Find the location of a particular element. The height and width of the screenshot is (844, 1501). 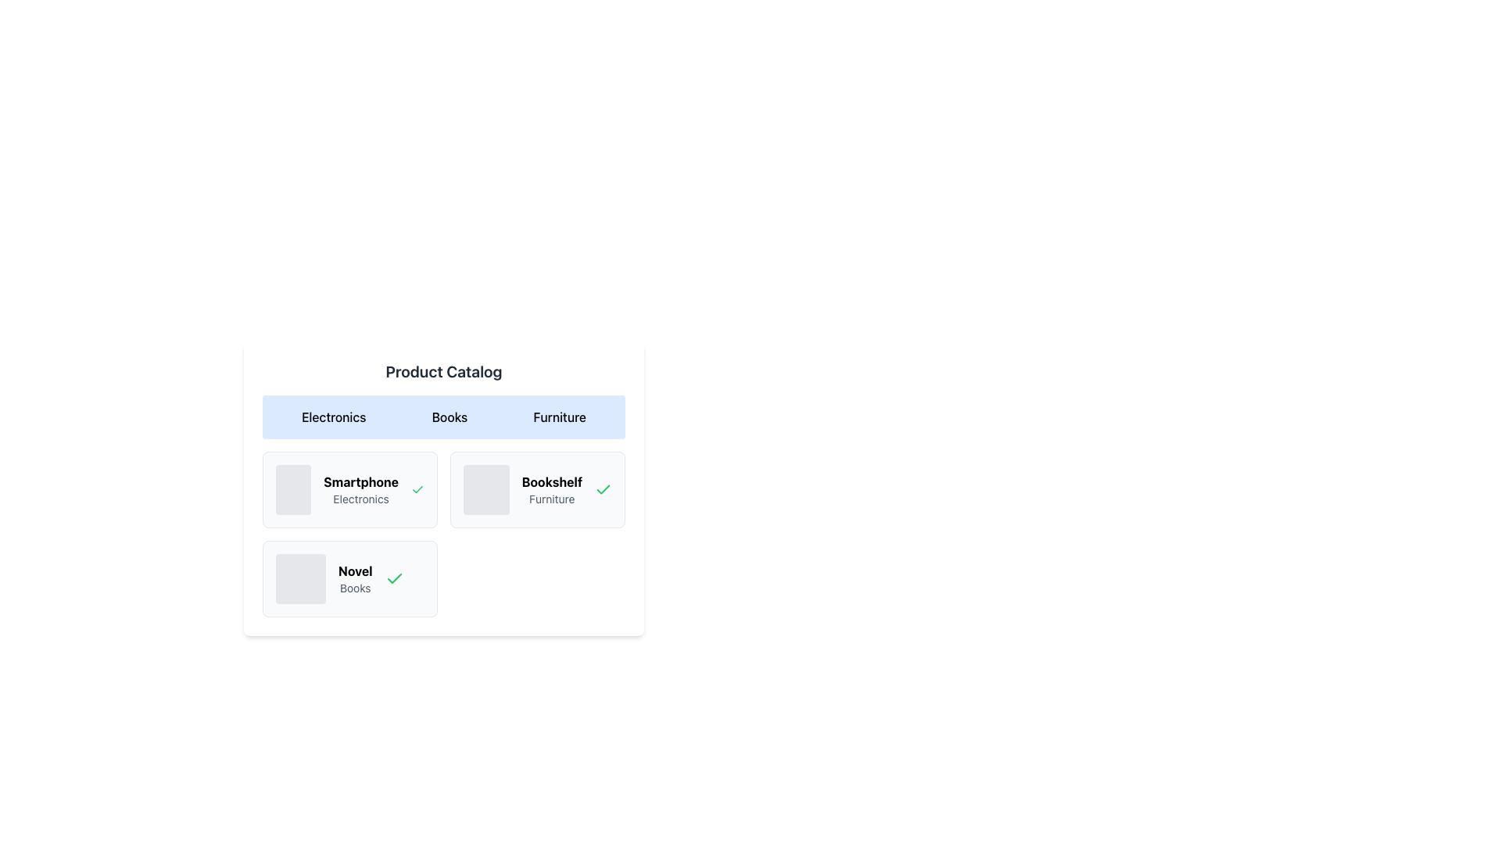

the checkmark icon that indicates selection or confirmation for the 'Smartphone' item, located at the far-right edge of the 'Smartphone' card in the 'Electronics' category is located at coordinates (417, 489).